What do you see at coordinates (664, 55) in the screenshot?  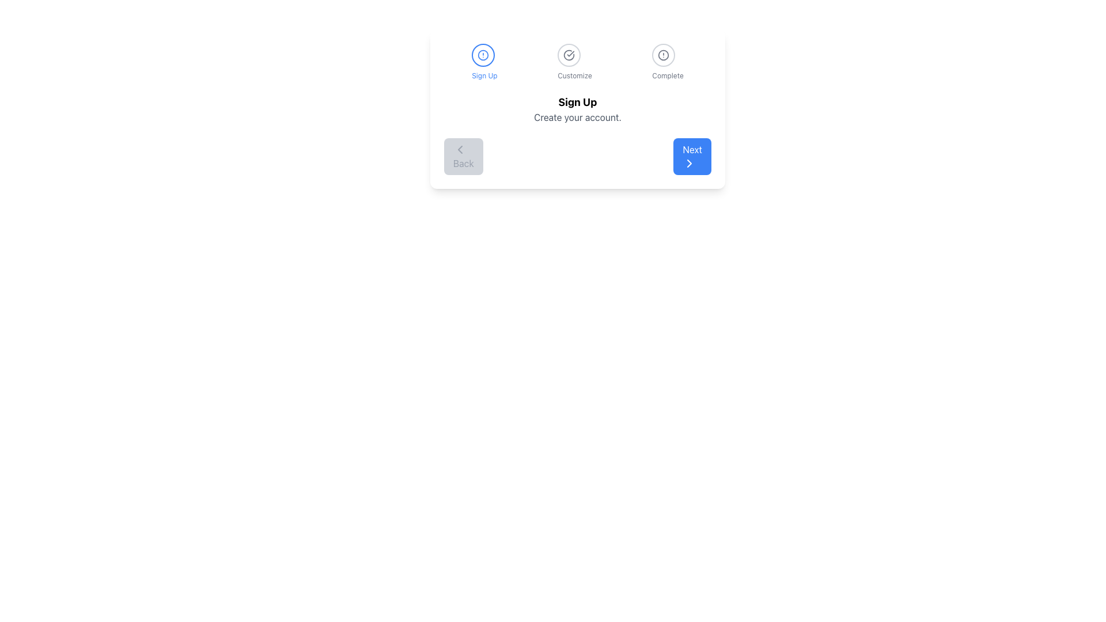 I see `the circular icon with a gray border that features an inner alert symbol, located in the rightmost position of the step tracker section beneath the word 'Complete'` at bounding box center [664, 55].